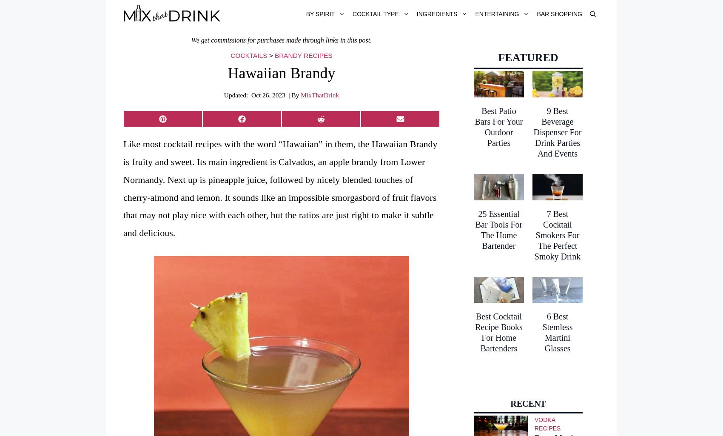 The image size is (723, 436). Describe the element at coordinates (557, 131) in the screenshot. I see `'9 Best Beverage Dispenser for Drink Parties and Events'` at that location.